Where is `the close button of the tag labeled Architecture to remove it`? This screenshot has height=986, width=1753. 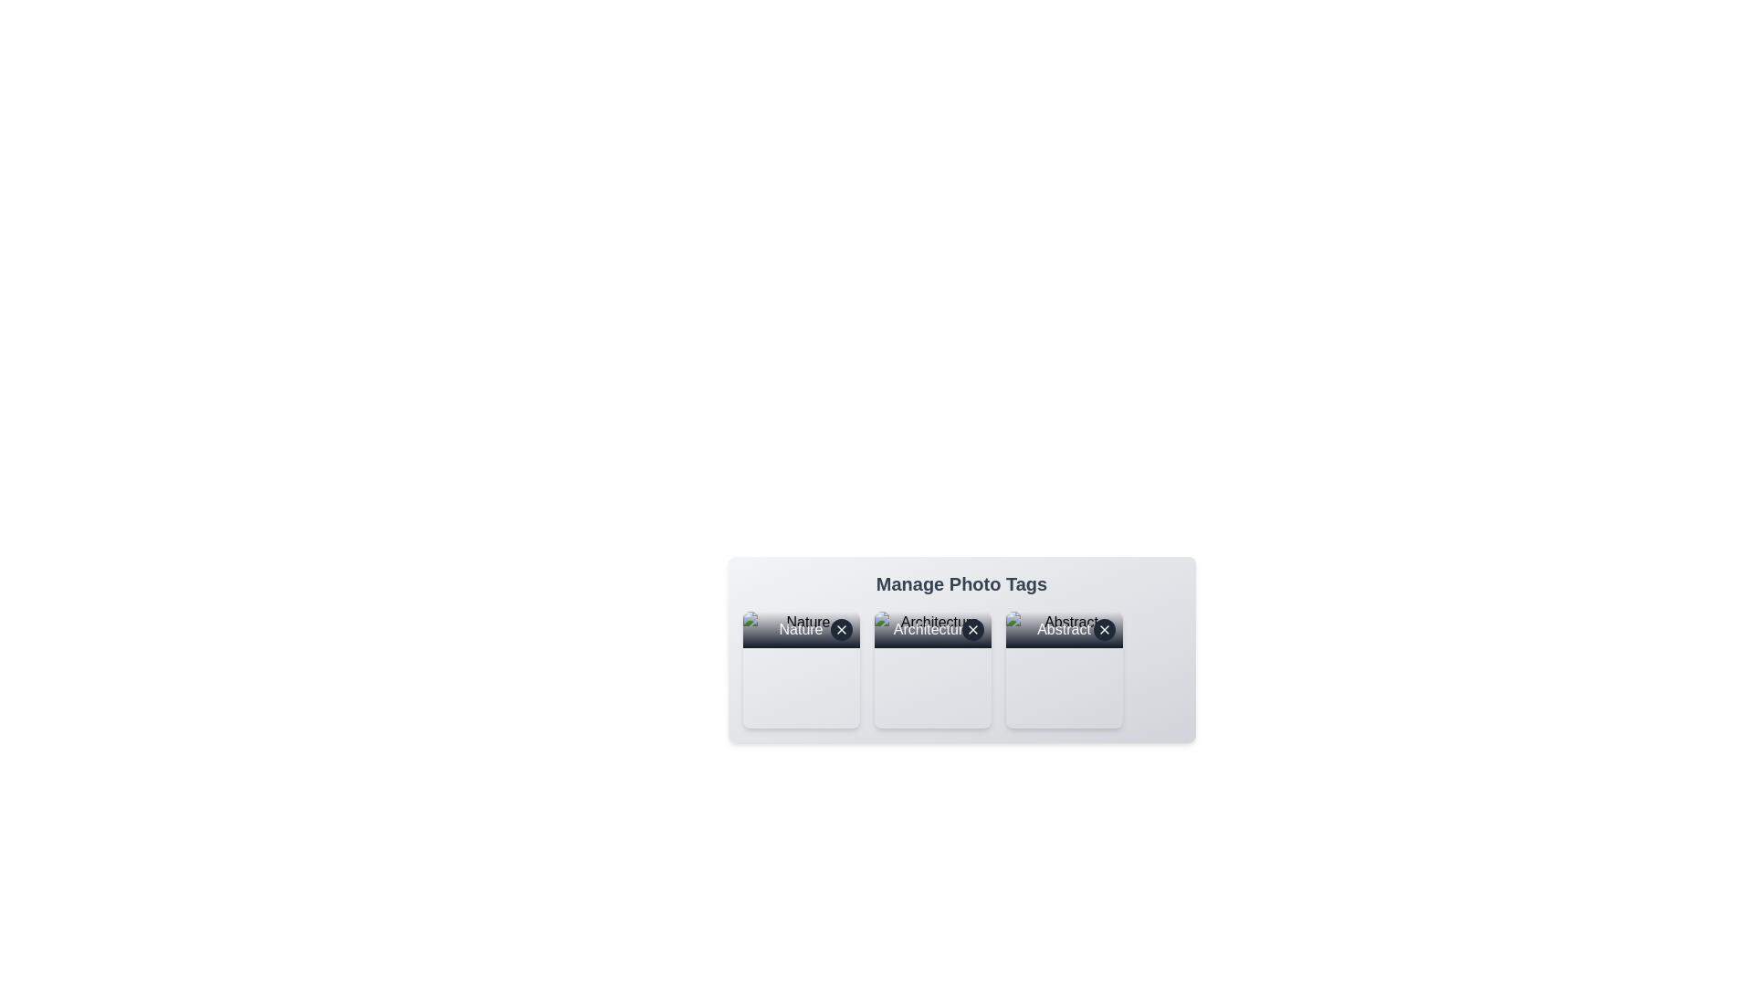 the close button of the tag labeled Architecture to remove it is located at coordinates (971, 629).